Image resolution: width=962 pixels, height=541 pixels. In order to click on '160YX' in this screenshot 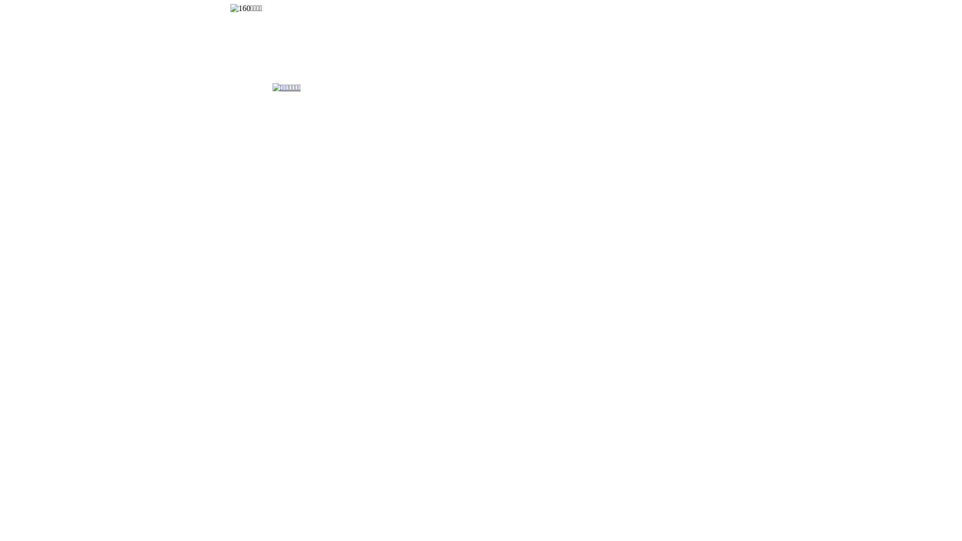, I will do `click(230, 8)`.